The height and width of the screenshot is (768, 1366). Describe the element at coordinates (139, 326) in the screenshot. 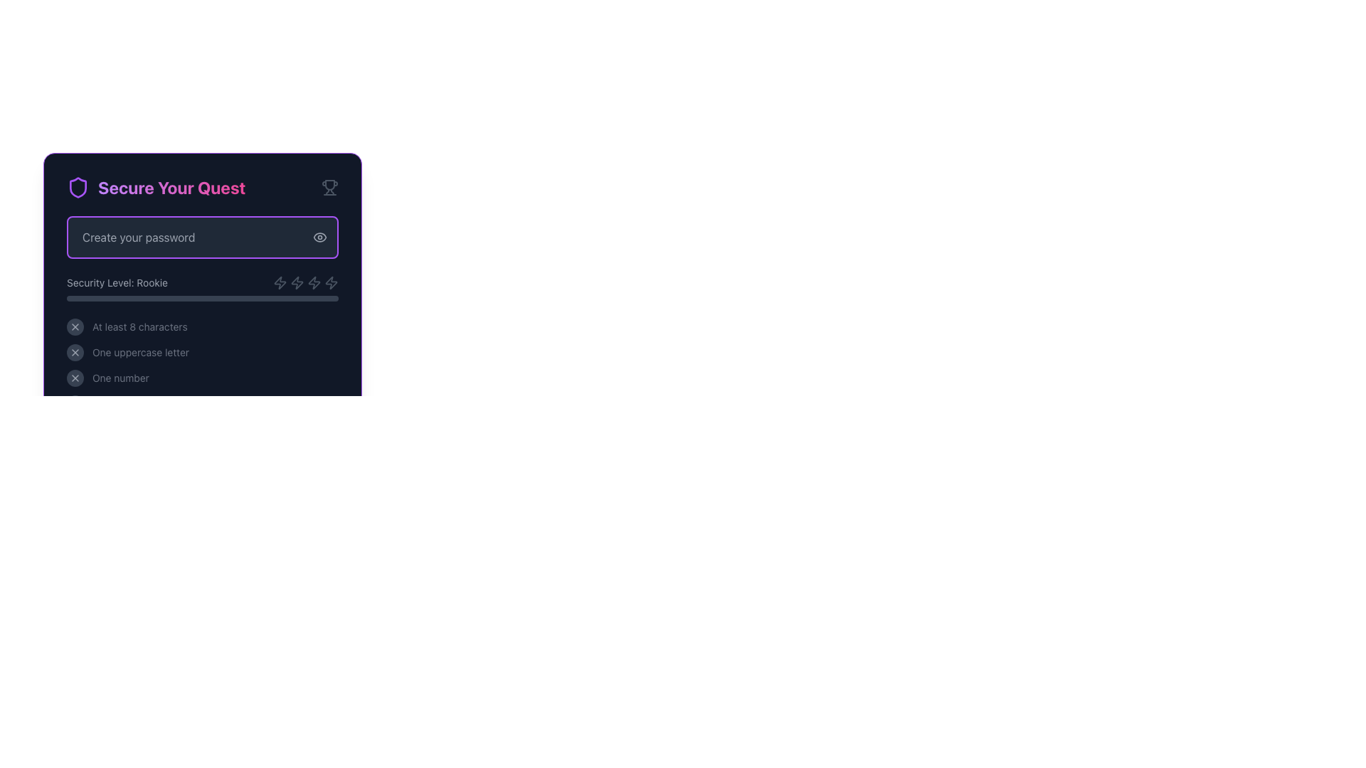

I see `the text label that provides guidance on password requirements located below the password input field in the 'Secure Your Quest' section, positioned on the left-hand side following an 'X' icon` at that location.